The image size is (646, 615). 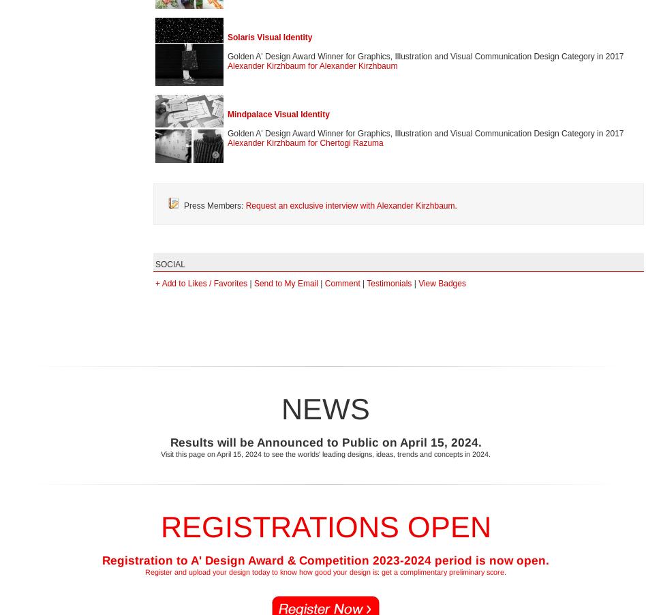 I want to click on 'SOCIAL', so click(x=154, y=265).